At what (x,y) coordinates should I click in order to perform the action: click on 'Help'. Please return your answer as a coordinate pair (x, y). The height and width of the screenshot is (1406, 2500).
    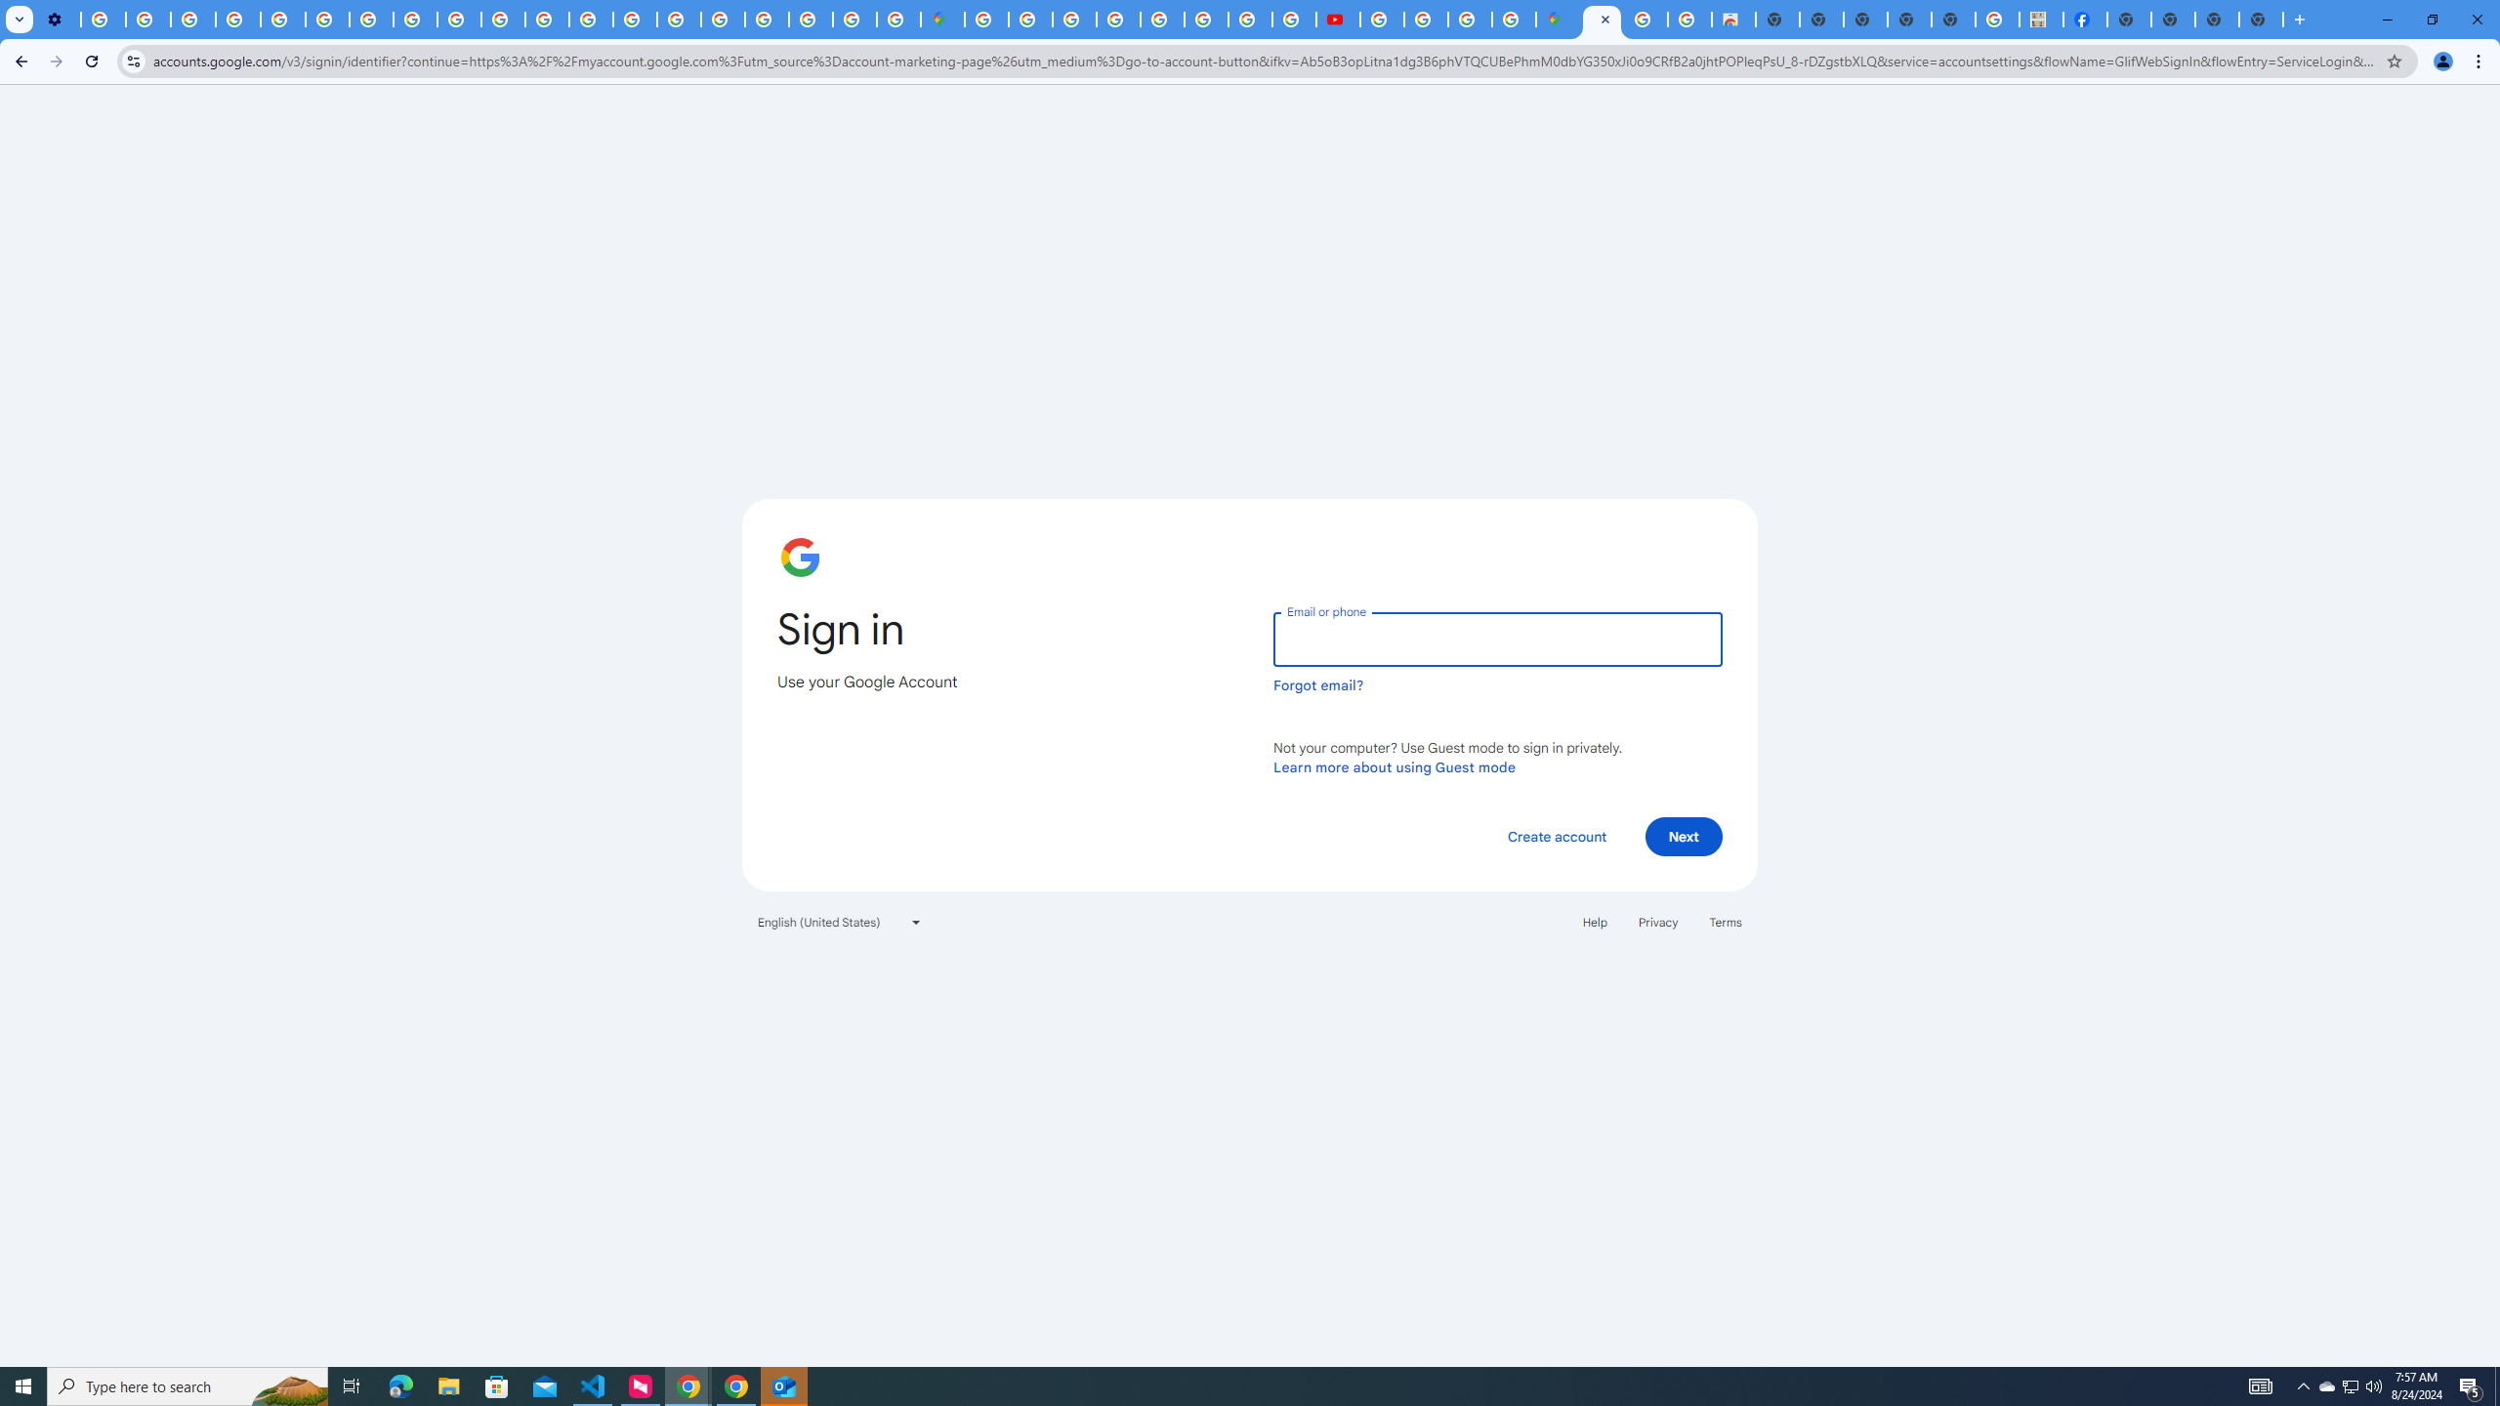
    Looking at the image, I should click on (1594, 920).